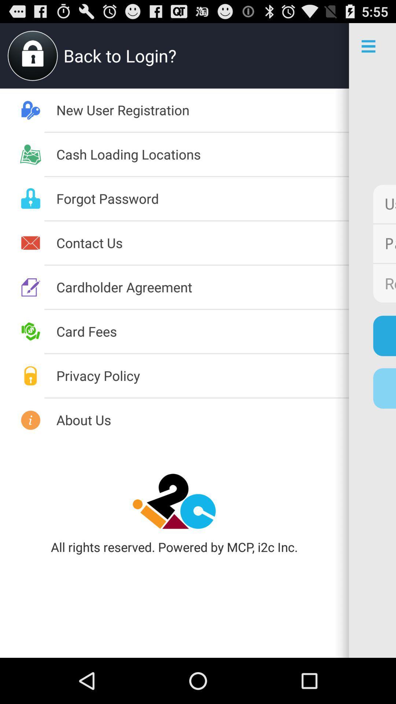  I want to click on the item to the left of the new user registration item, so click(202, 375).